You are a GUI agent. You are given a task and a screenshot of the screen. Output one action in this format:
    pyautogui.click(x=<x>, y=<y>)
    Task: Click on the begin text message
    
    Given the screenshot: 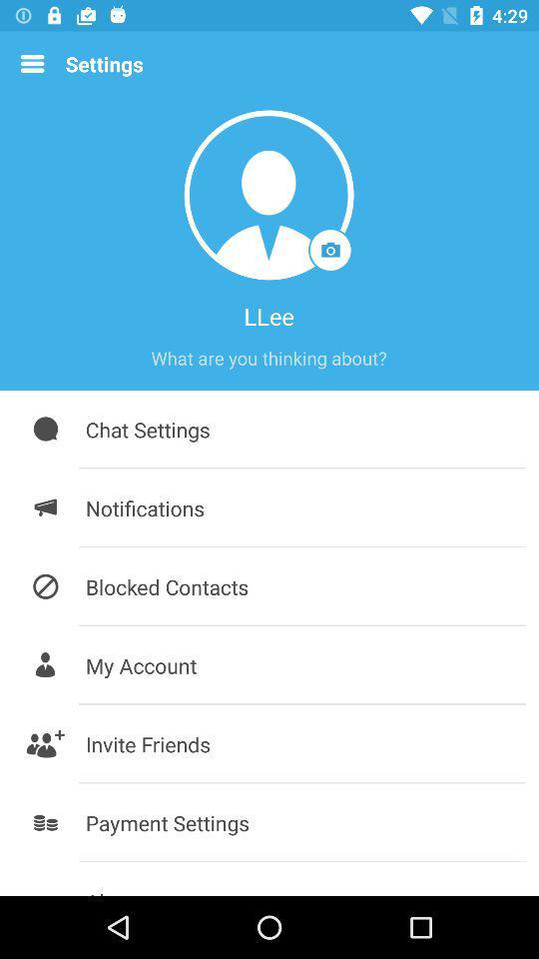 What is the action you would take?
    pyautogui.click(x=269, y=358)
    